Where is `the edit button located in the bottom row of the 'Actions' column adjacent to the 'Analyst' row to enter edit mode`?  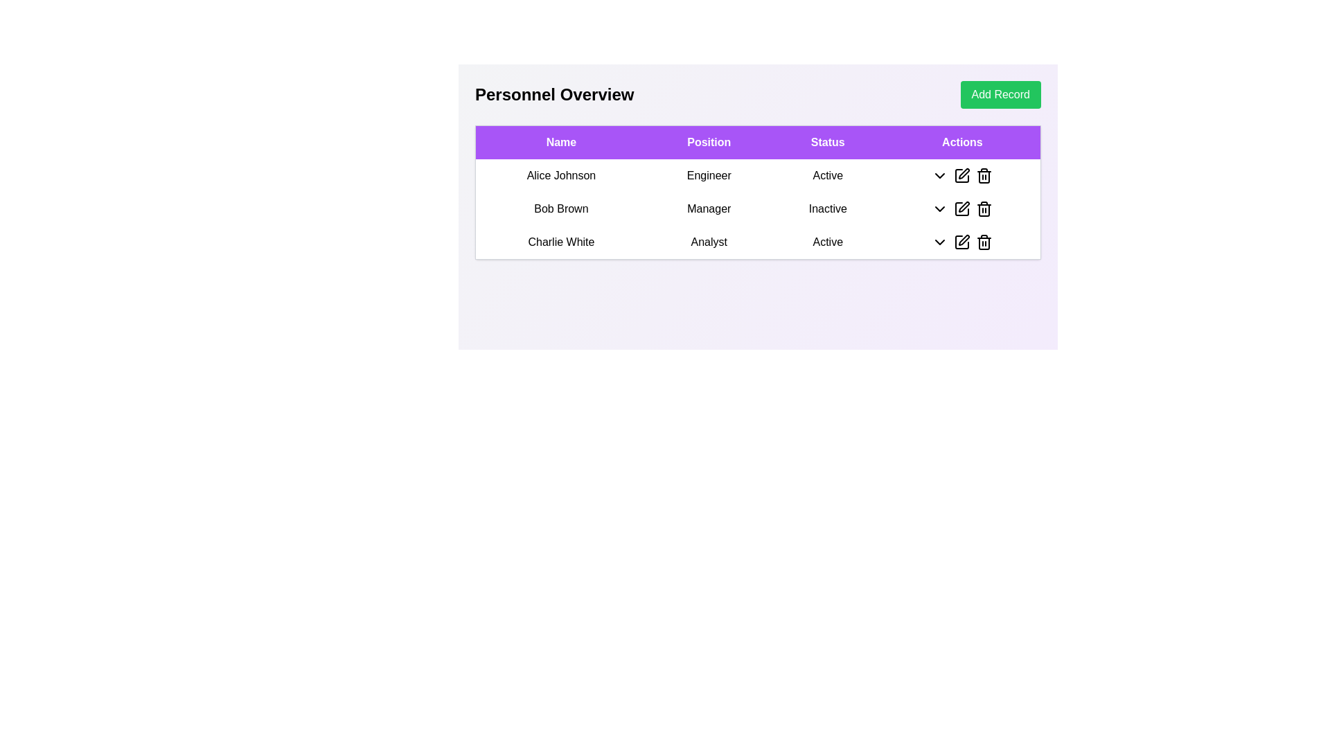 the edit button located in the bottom row of the 'Actions' column adjacent to the 'Analyst' row to enter edit mode is located at coordinates (961, 242).